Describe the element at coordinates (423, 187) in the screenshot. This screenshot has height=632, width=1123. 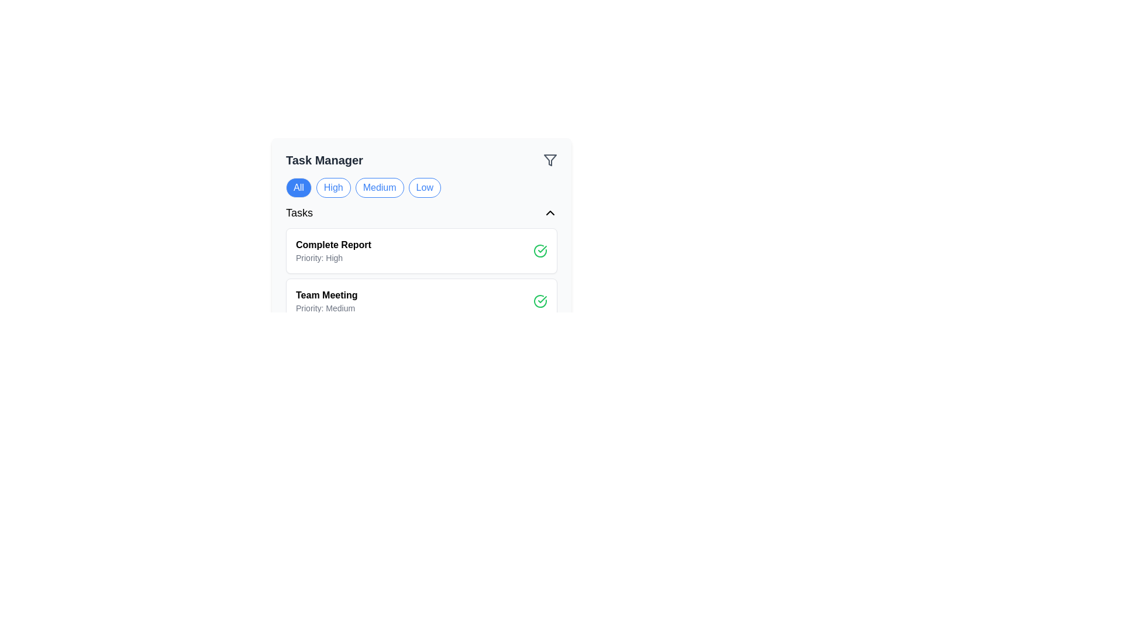
I see `the fourth pill-shaped button labeled 'Low'` at that location.